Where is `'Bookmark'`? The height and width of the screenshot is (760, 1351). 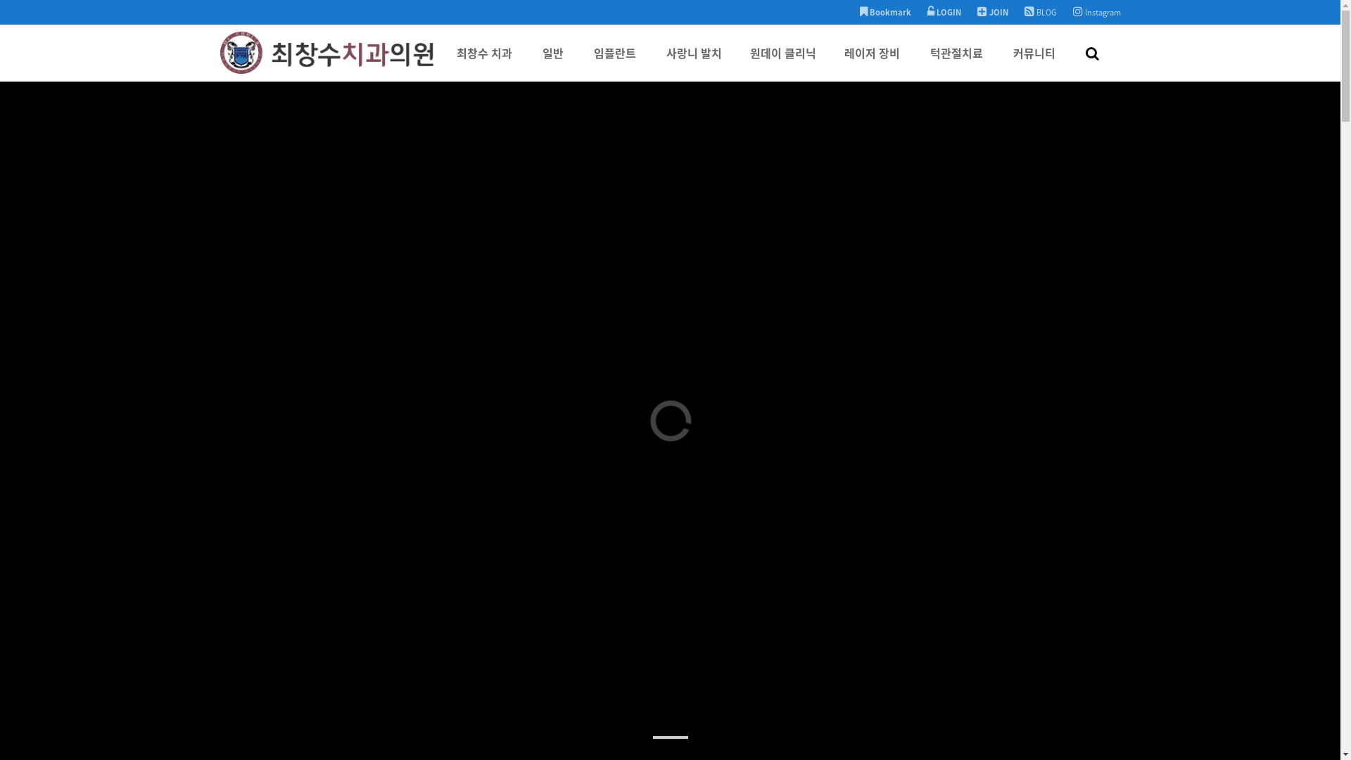 'Bookmark' is located at coordinates (884, 12).